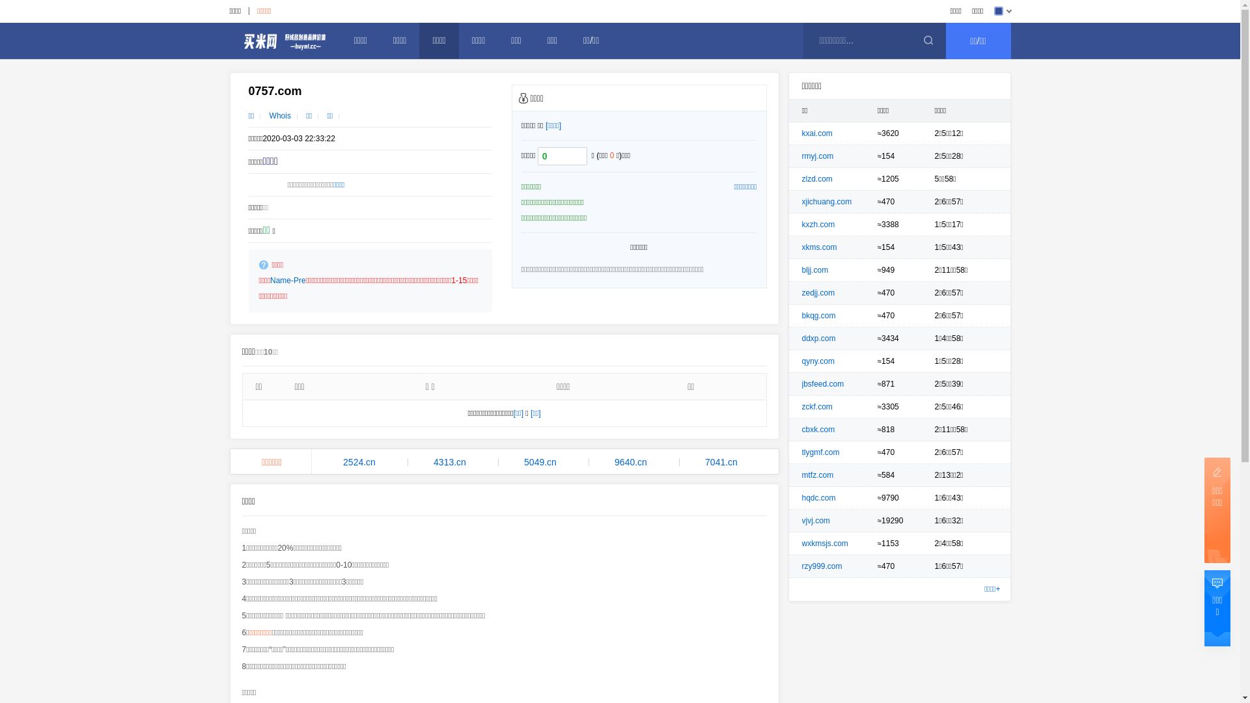 This screenshot has width=1250, height=703. I want to click on 'Name-Pre', so click(287, 280).